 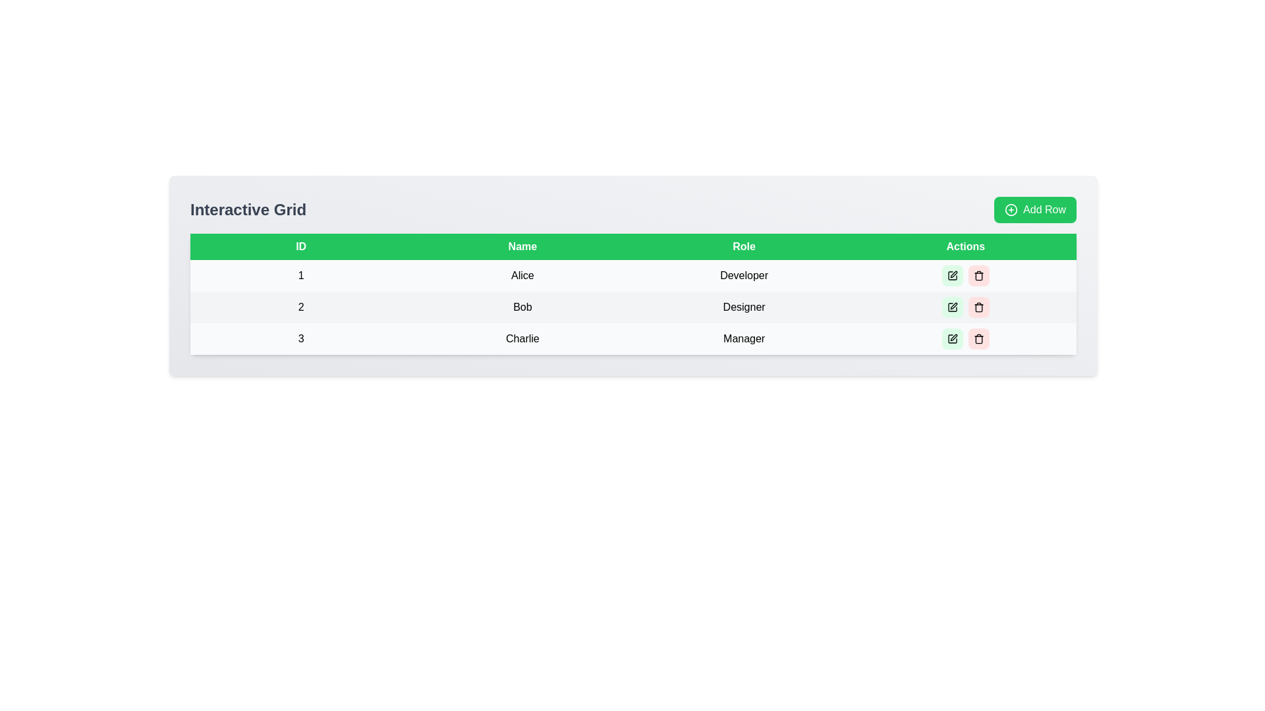 I want to click on the edit action icon located in the 'Actions' column of the table for the row corresponding to 'Alice - Developer', so click(x=953, y=273).